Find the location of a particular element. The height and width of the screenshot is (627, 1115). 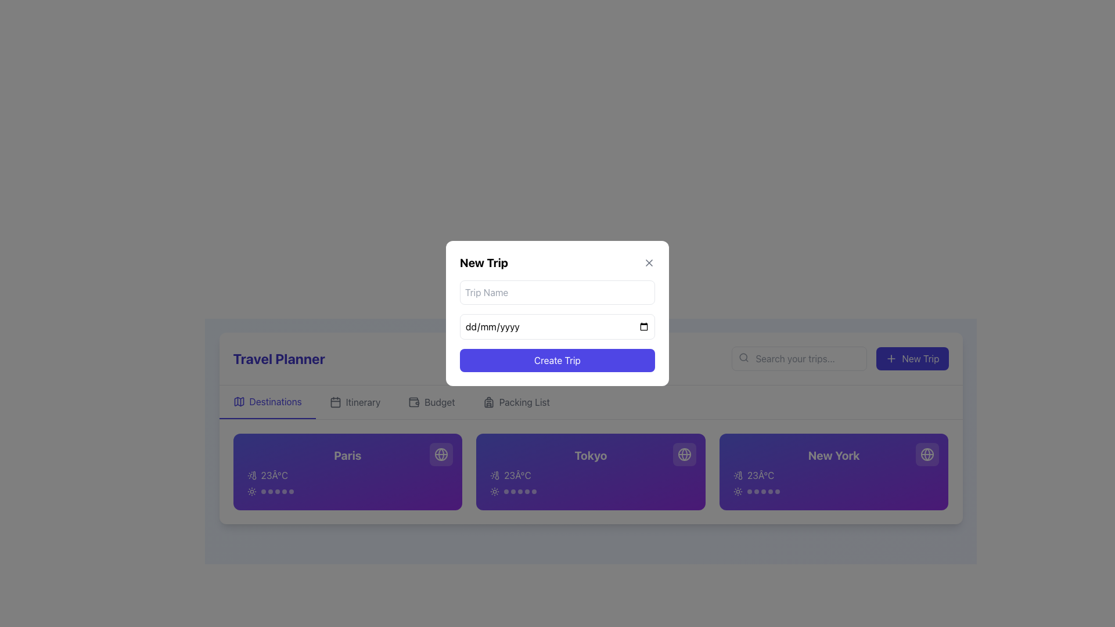

the globe icon located at the top-right corner of the 'Paris' destination card for further actions is located at coordinates (441, 454).